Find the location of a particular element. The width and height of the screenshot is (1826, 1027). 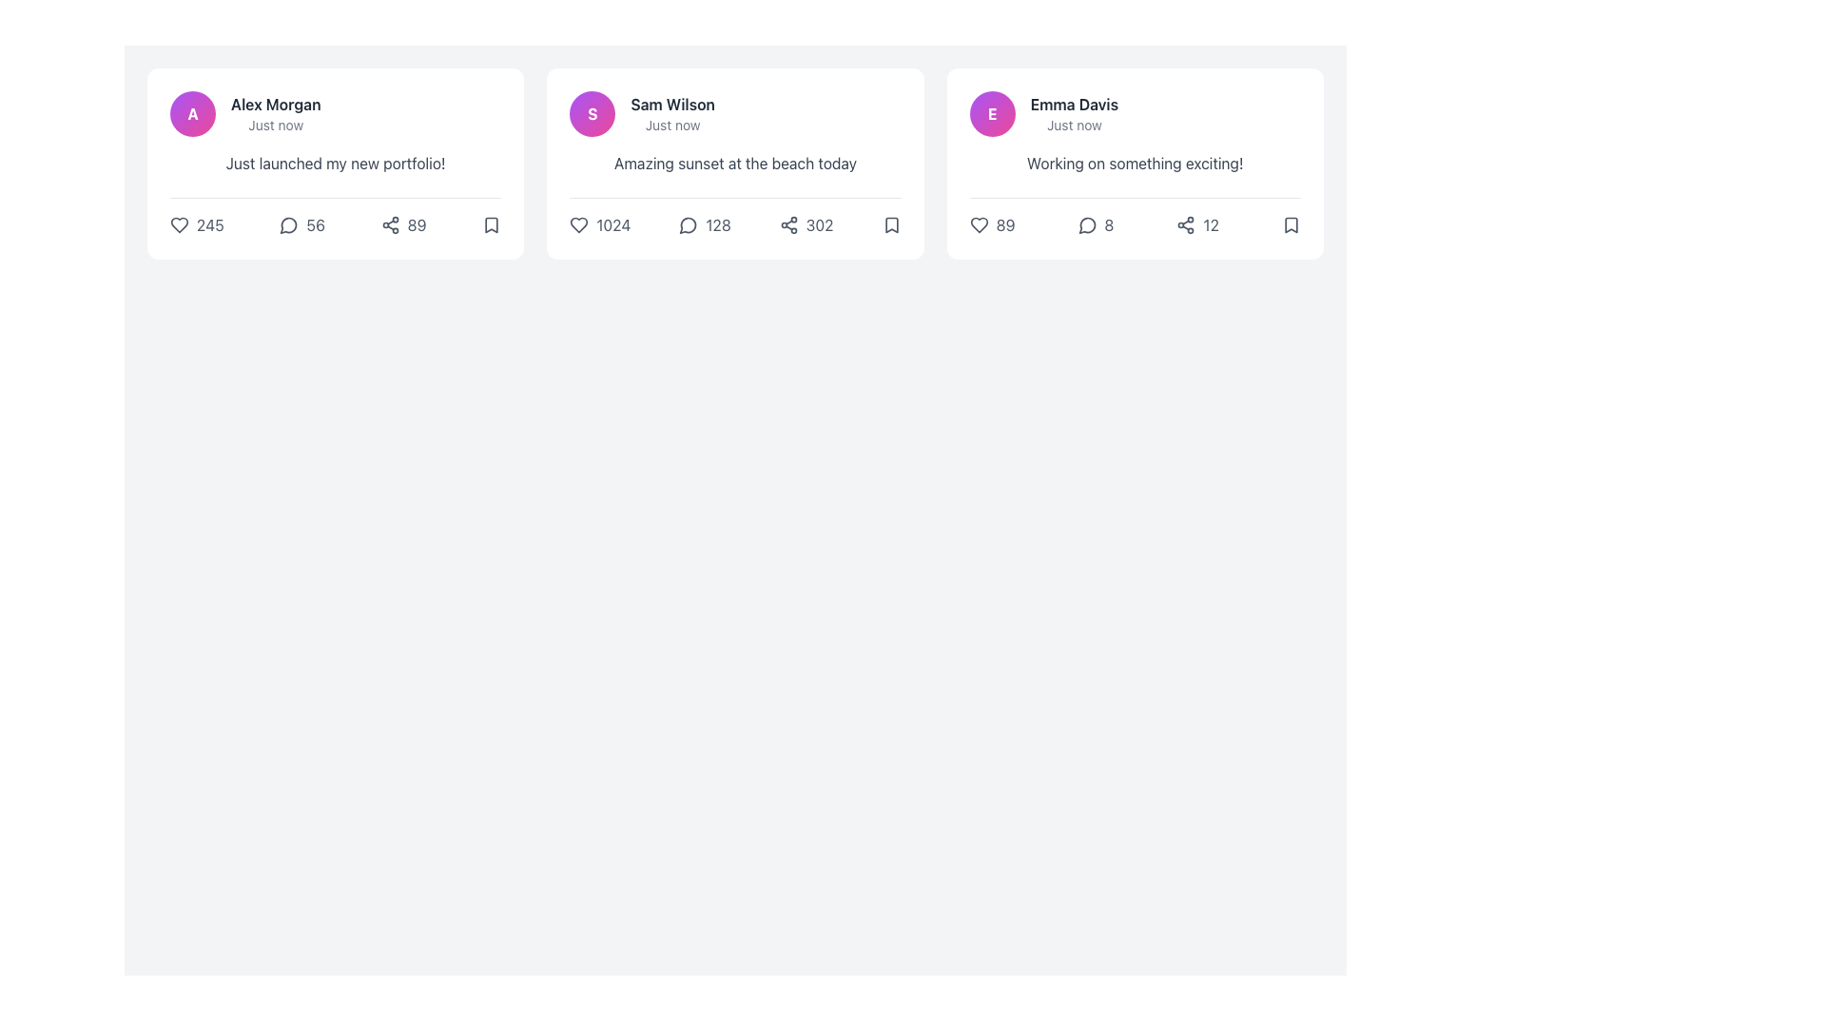

the heart icon and text button labeled '245' in the bottom section of the first card to like the content is located at coordinates (197, 223).